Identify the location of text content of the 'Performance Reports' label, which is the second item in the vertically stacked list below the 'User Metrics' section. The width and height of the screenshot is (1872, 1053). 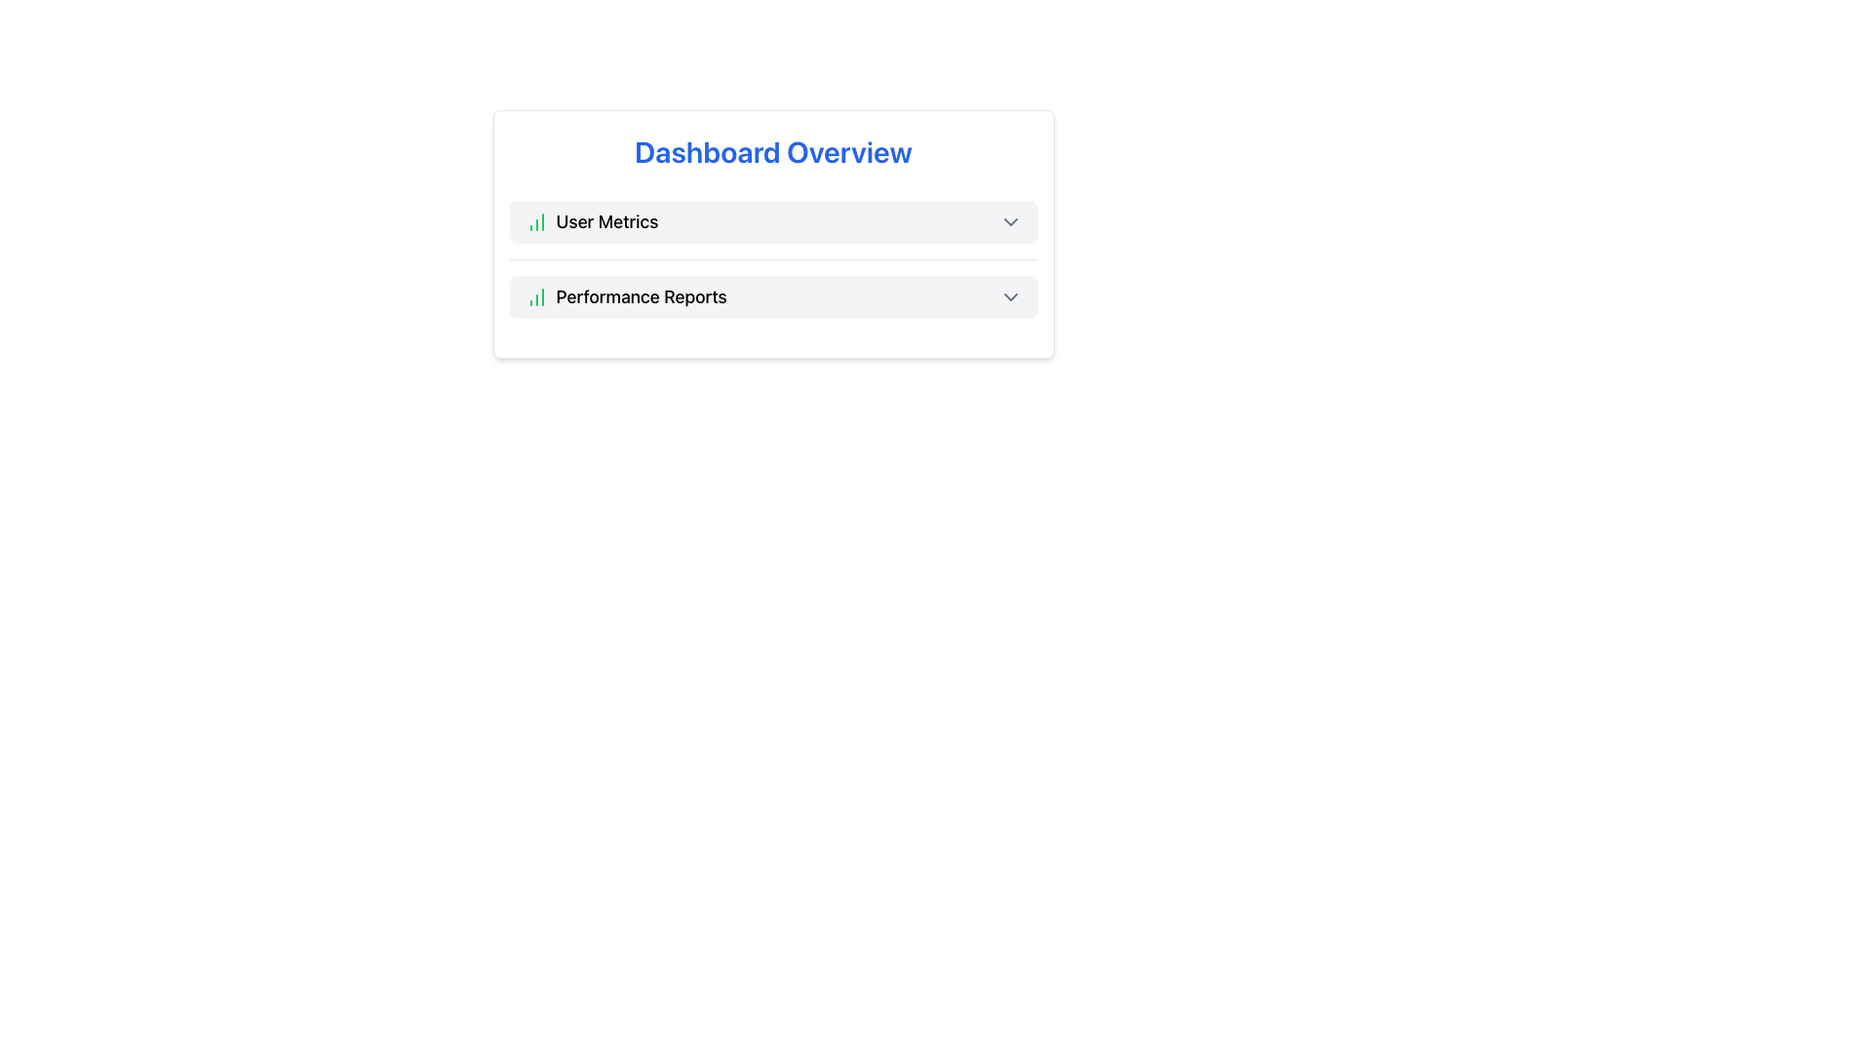
(626, 296).